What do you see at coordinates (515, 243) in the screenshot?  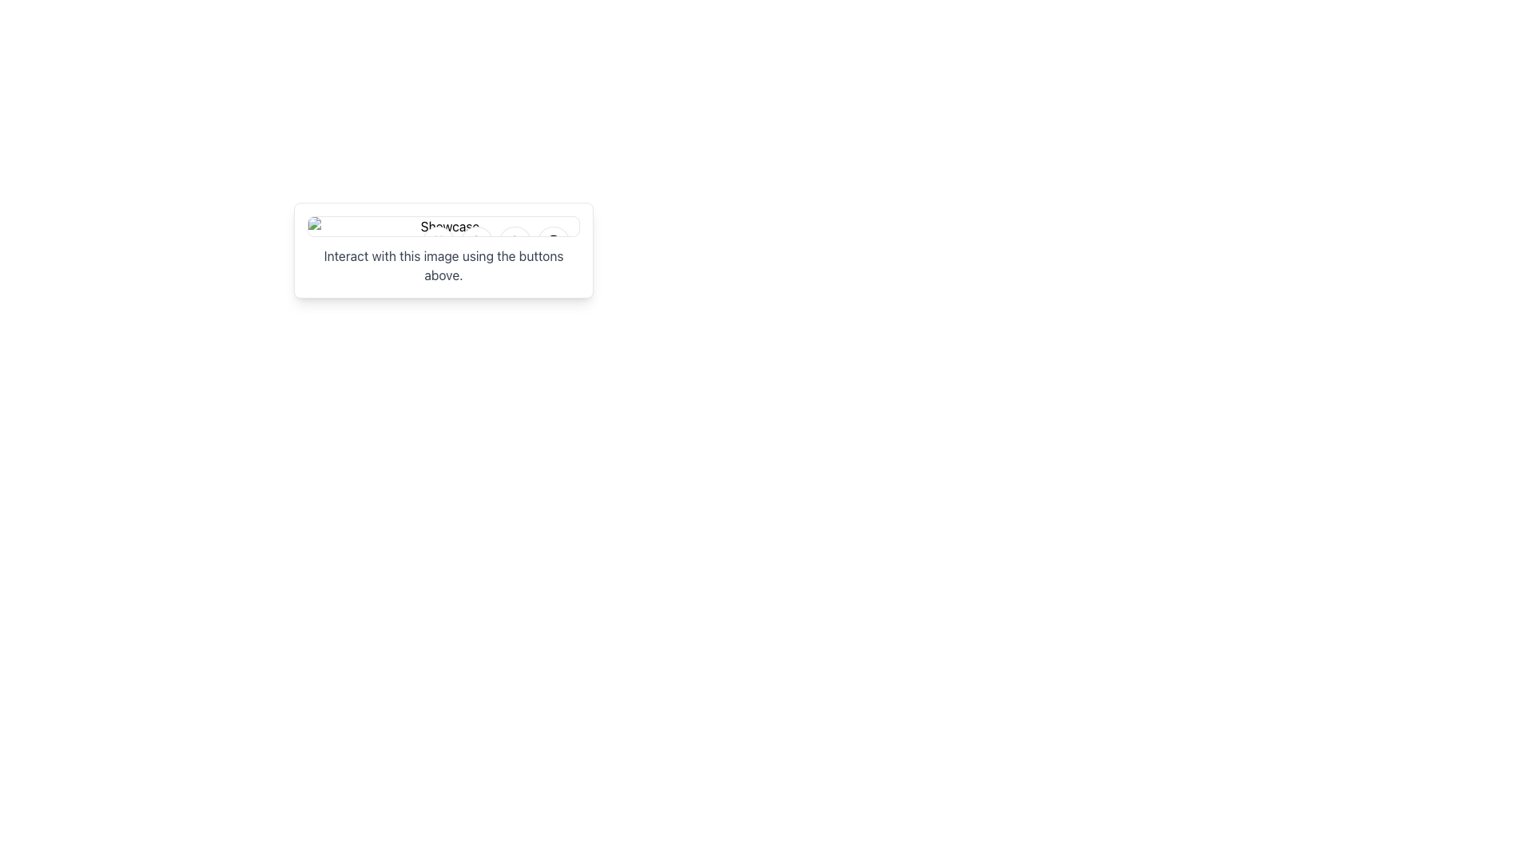 I see `the circular icon with a magnifying glass and minus sign inside it, located in the center of a white button` at bounding box center [515, 243].